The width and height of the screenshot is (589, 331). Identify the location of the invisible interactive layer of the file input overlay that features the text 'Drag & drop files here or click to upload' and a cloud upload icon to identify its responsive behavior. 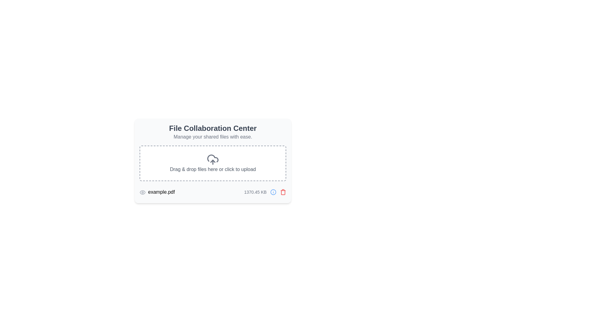
(213, 163).